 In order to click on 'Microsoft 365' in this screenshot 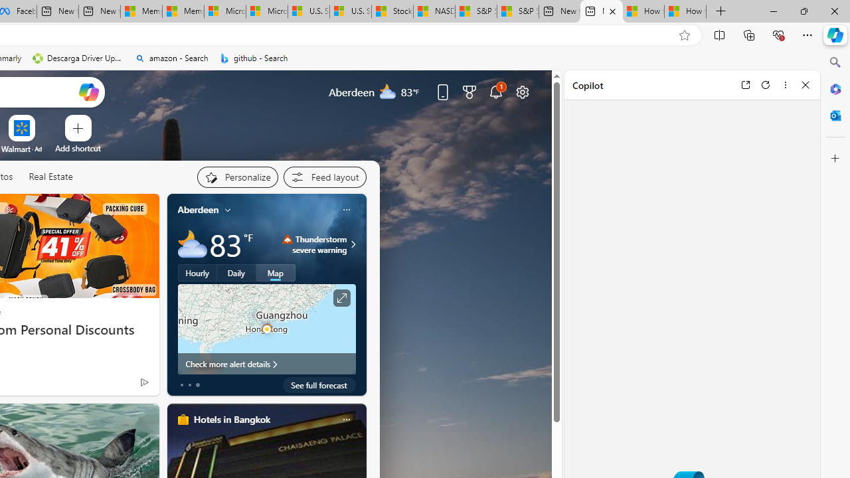, I will do `click(835, 88)`.